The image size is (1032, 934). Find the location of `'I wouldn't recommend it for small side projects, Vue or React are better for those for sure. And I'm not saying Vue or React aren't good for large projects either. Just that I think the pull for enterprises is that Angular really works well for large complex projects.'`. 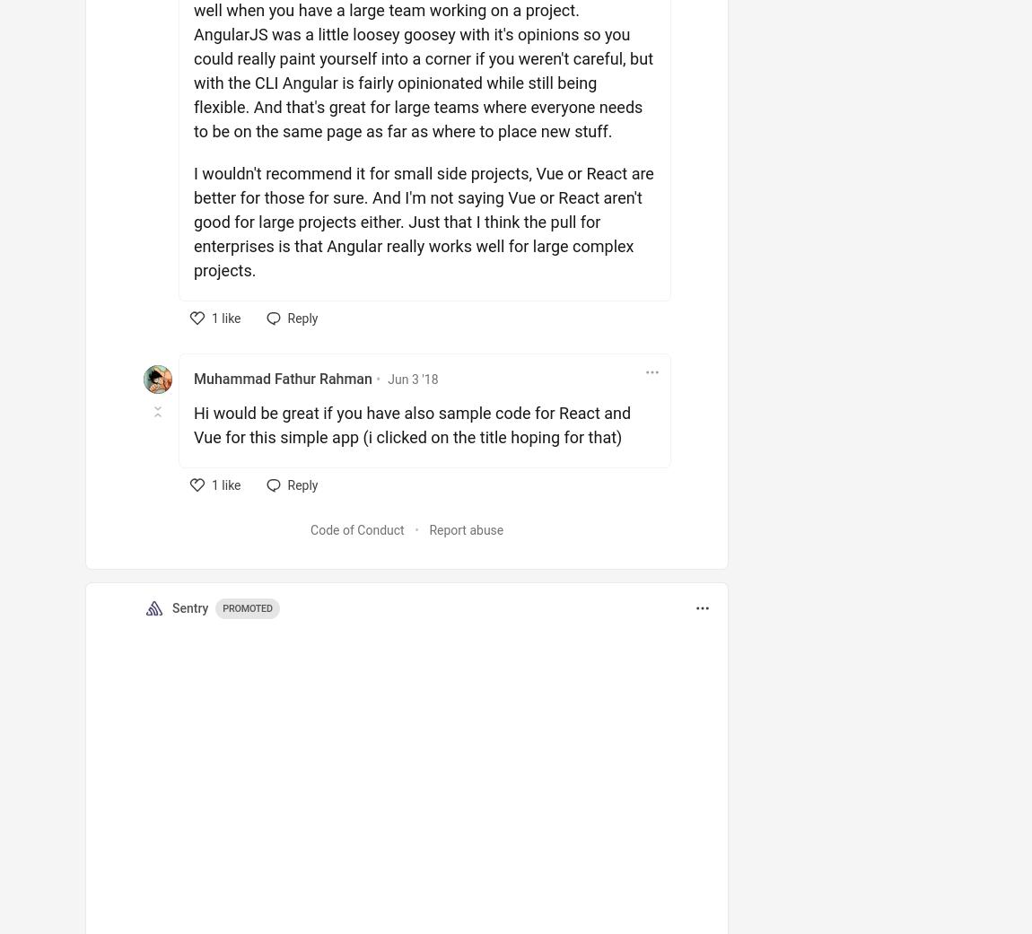

'I wouldn't recommend it for small side projects, Vue or React are better for those for sure. And I'm not saying Vue or React aren't good for large projects either. Just that I think the pull for enterprises is that Angular really works well for large complex projects.' is located at coordinates (423, 221).